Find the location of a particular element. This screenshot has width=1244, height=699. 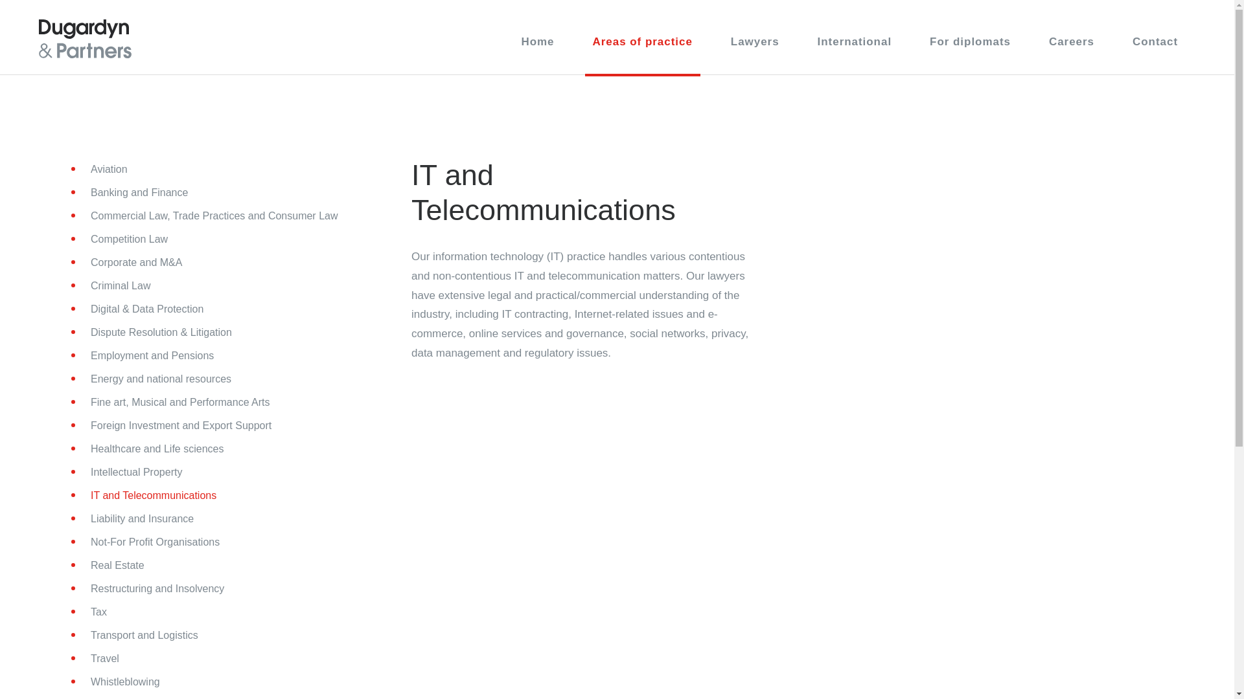

'Liability and Insurance' is located at coordinates (133, 518).